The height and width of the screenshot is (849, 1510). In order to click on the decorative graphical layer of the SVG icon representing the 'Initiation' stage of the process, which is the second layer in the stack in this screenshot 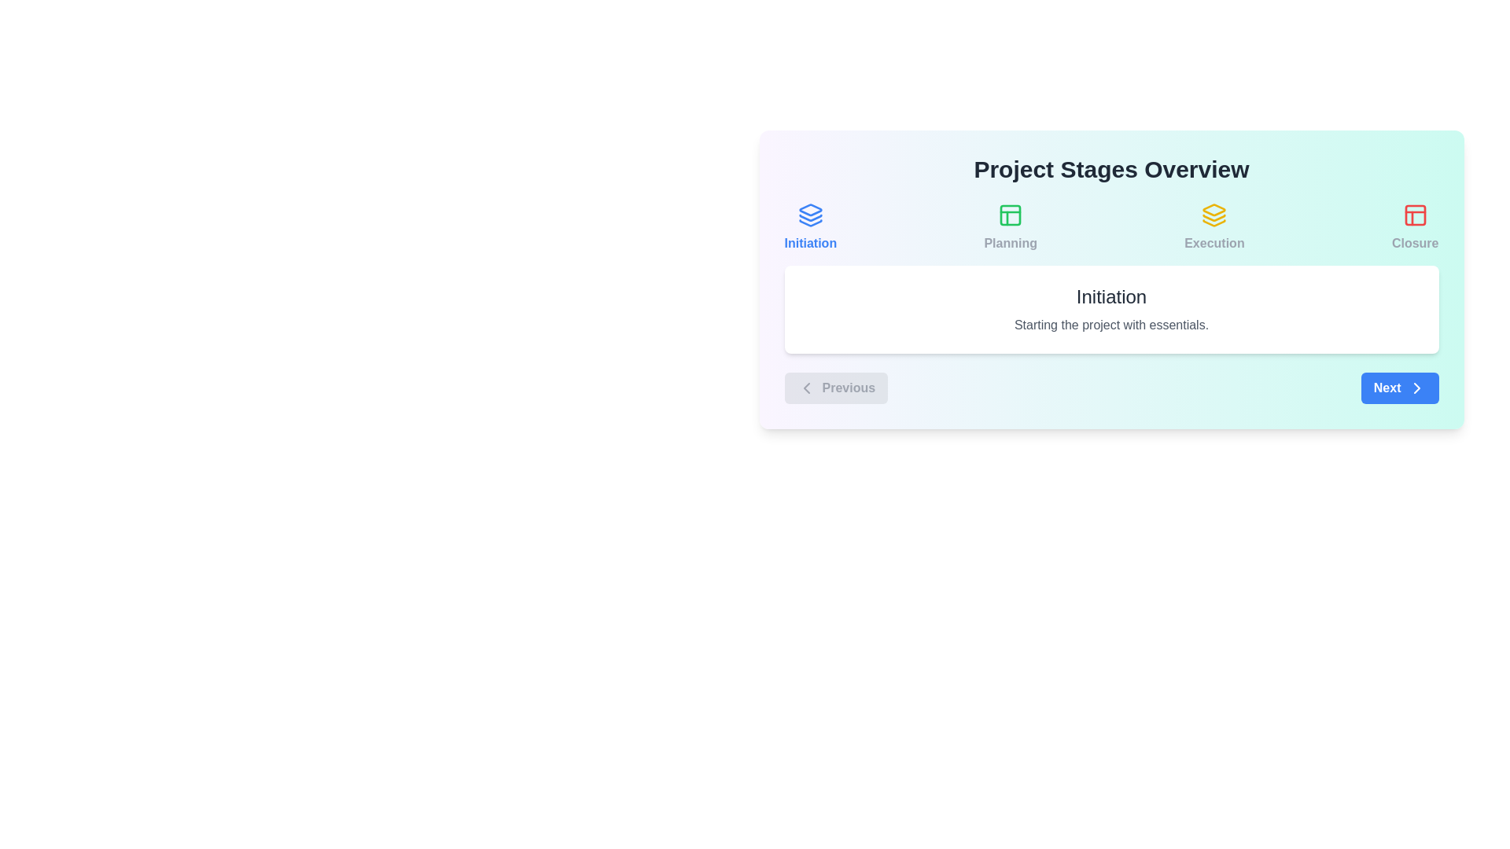, I will do `click(810, 218)`.